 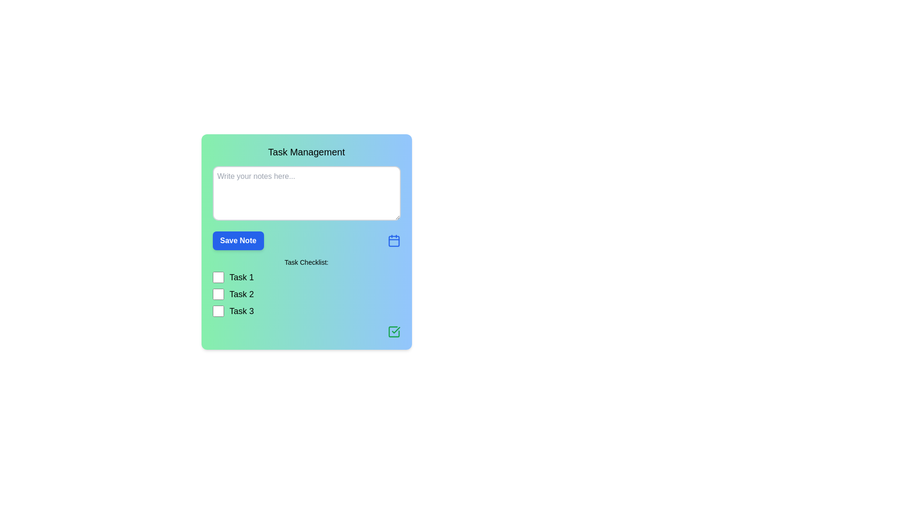 I want to click on the green checkmark icon located in the bottom-right corner of the application interface, so click(x=396, y=330).